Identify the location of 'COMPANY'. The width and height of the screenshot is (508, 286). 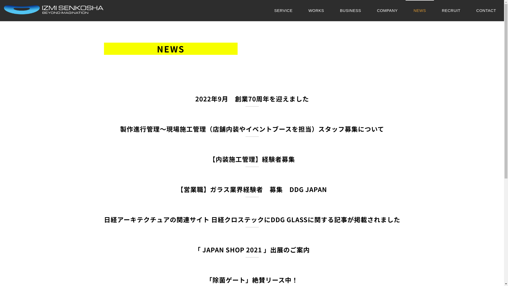
(387, 10).